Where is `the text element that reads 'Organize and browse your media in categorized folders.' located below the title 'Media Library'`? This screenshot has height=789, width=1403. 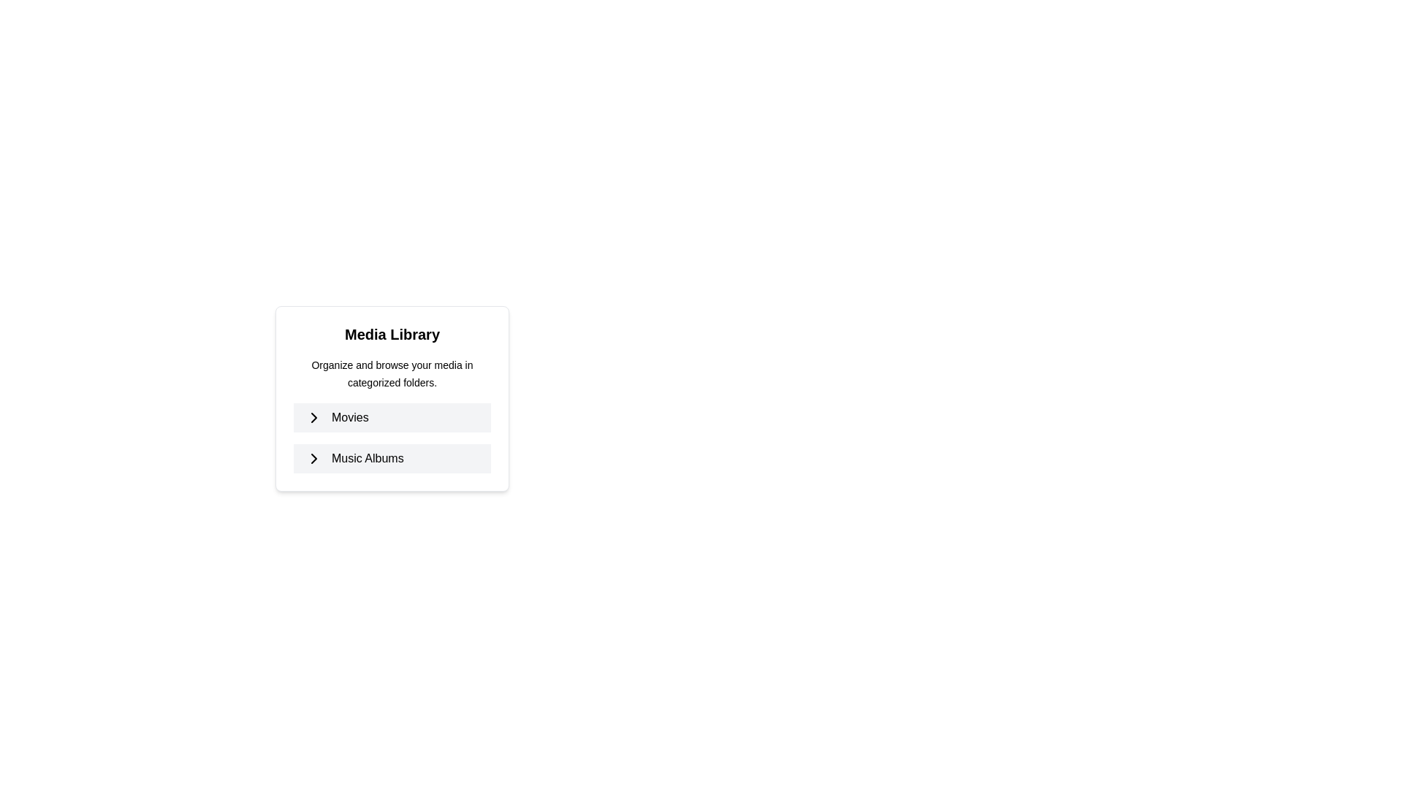
the text element that reads 'Organize and browse your media in categorized folders.' located below the title 'Media Library' is located at coordinates (392, 373).